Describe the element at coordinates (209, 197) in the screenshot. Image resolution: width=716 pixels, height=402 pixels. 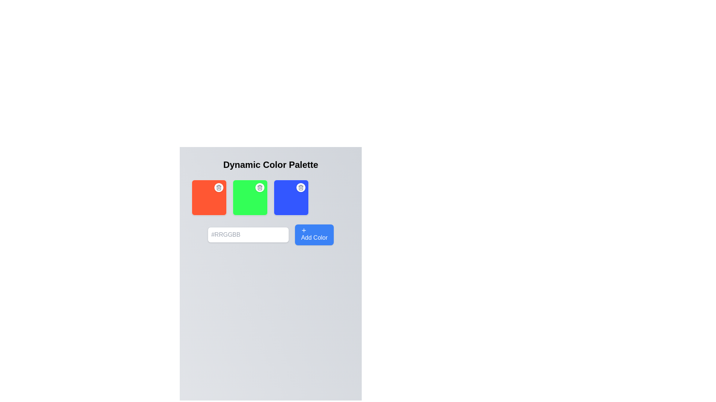
I see `the delete button on the red Colored widget located at the far-left of the group of four horizontally arranged widgets` at that location.